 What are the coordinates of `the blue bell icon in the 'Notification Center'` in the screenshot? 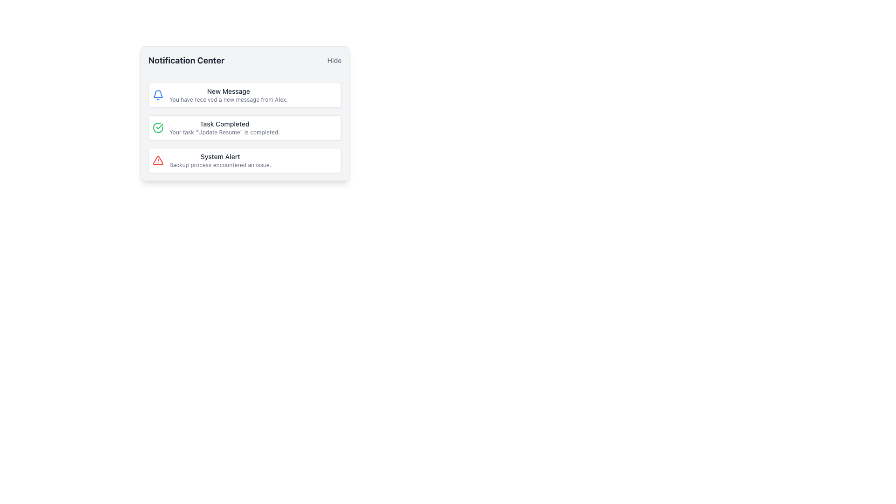 It's located at (158, 95).